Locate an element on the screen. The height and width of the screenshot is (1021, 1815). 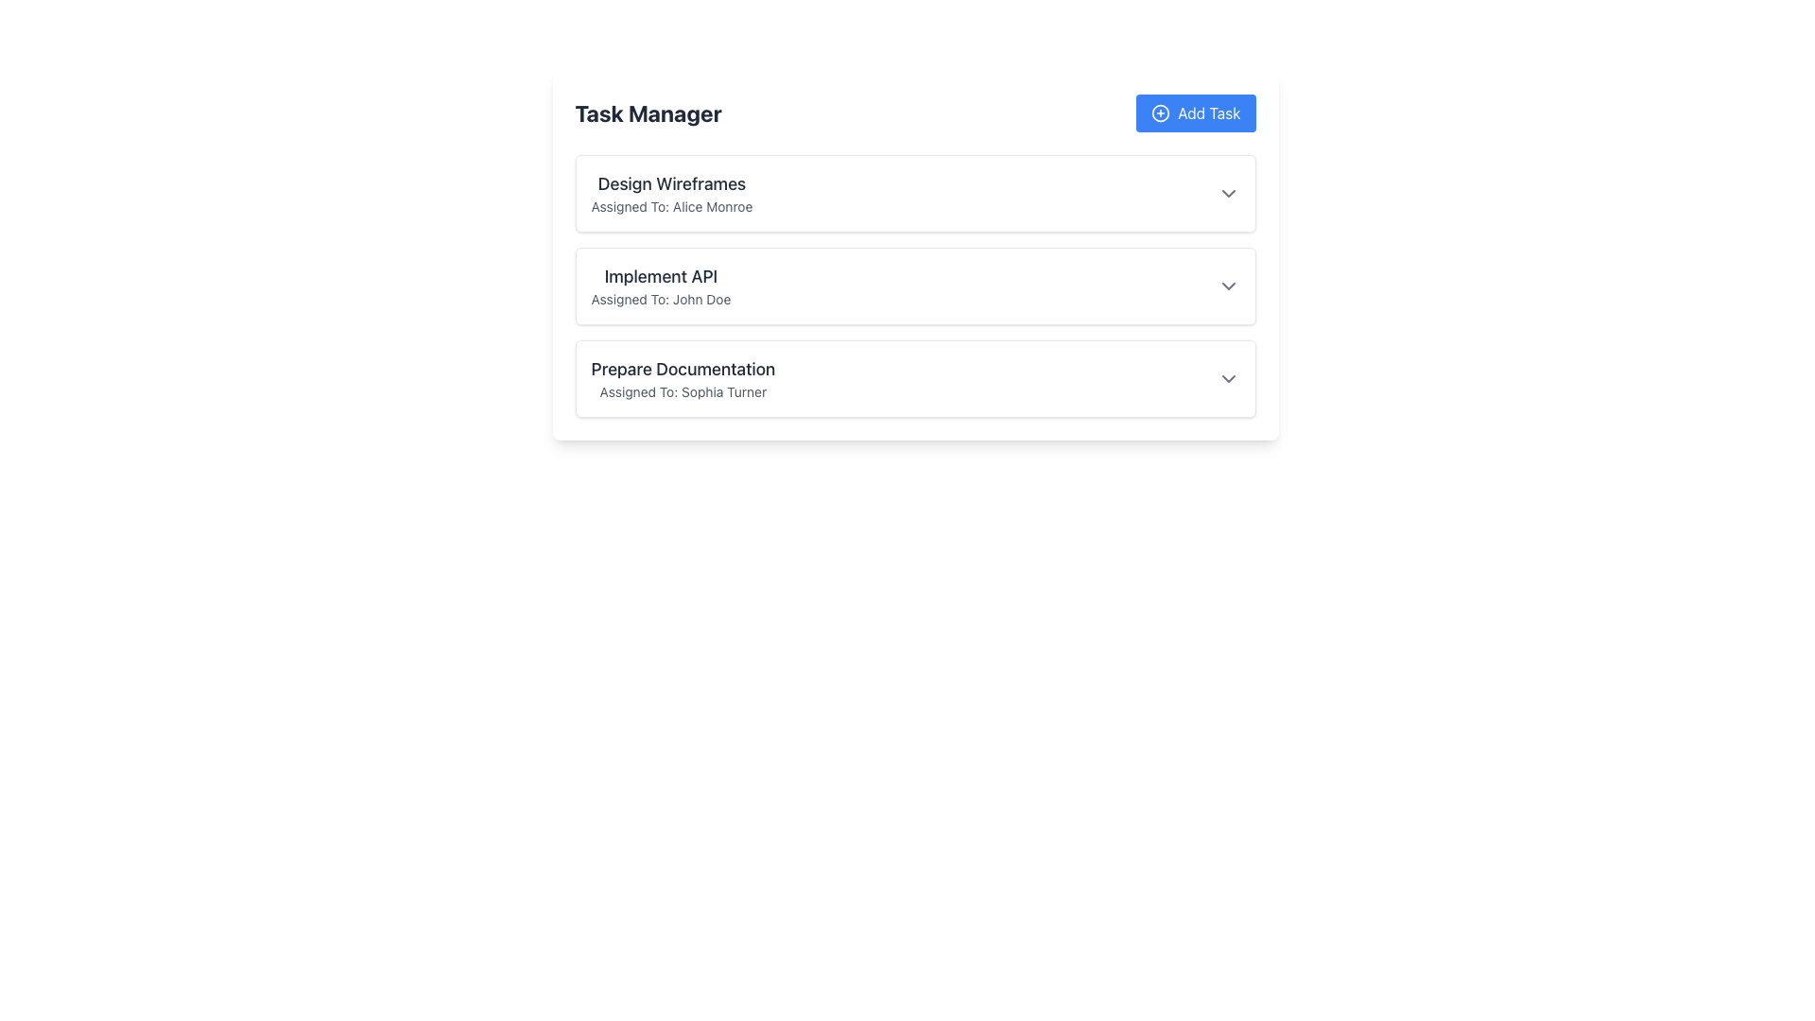
the icon that toggles the visibility of additional details related to the 'Design Wireframes' task, which is the only icon in the topmost task panel aligned near the right edge is located at coordinates (1228, 193).